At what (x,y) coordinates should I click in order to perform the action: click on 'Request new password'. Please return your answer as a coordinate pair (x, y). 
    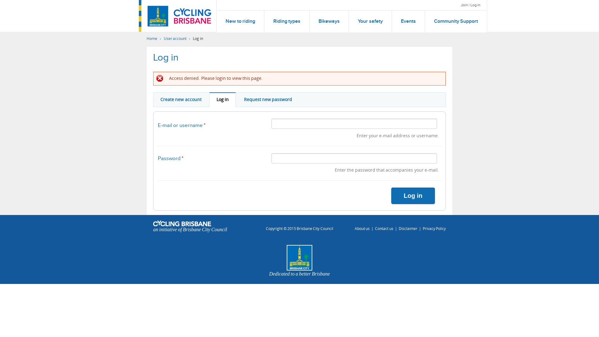
    Looking at the image, I should click on (268, 100).